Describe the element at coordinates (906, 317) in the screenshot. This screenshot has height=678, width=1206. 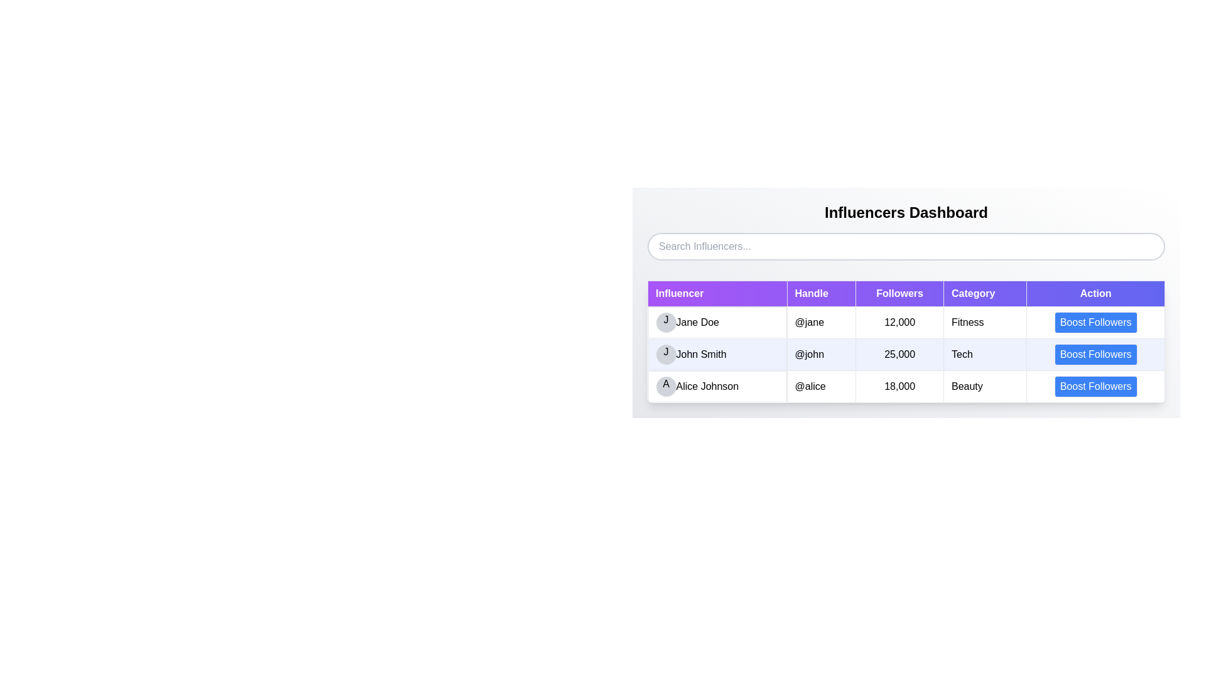
I see `the follower count display for the influencer 'Jane Doe', which shows '12,000' under the 'Followers' header in the Influencers Dashboard table` at that location.